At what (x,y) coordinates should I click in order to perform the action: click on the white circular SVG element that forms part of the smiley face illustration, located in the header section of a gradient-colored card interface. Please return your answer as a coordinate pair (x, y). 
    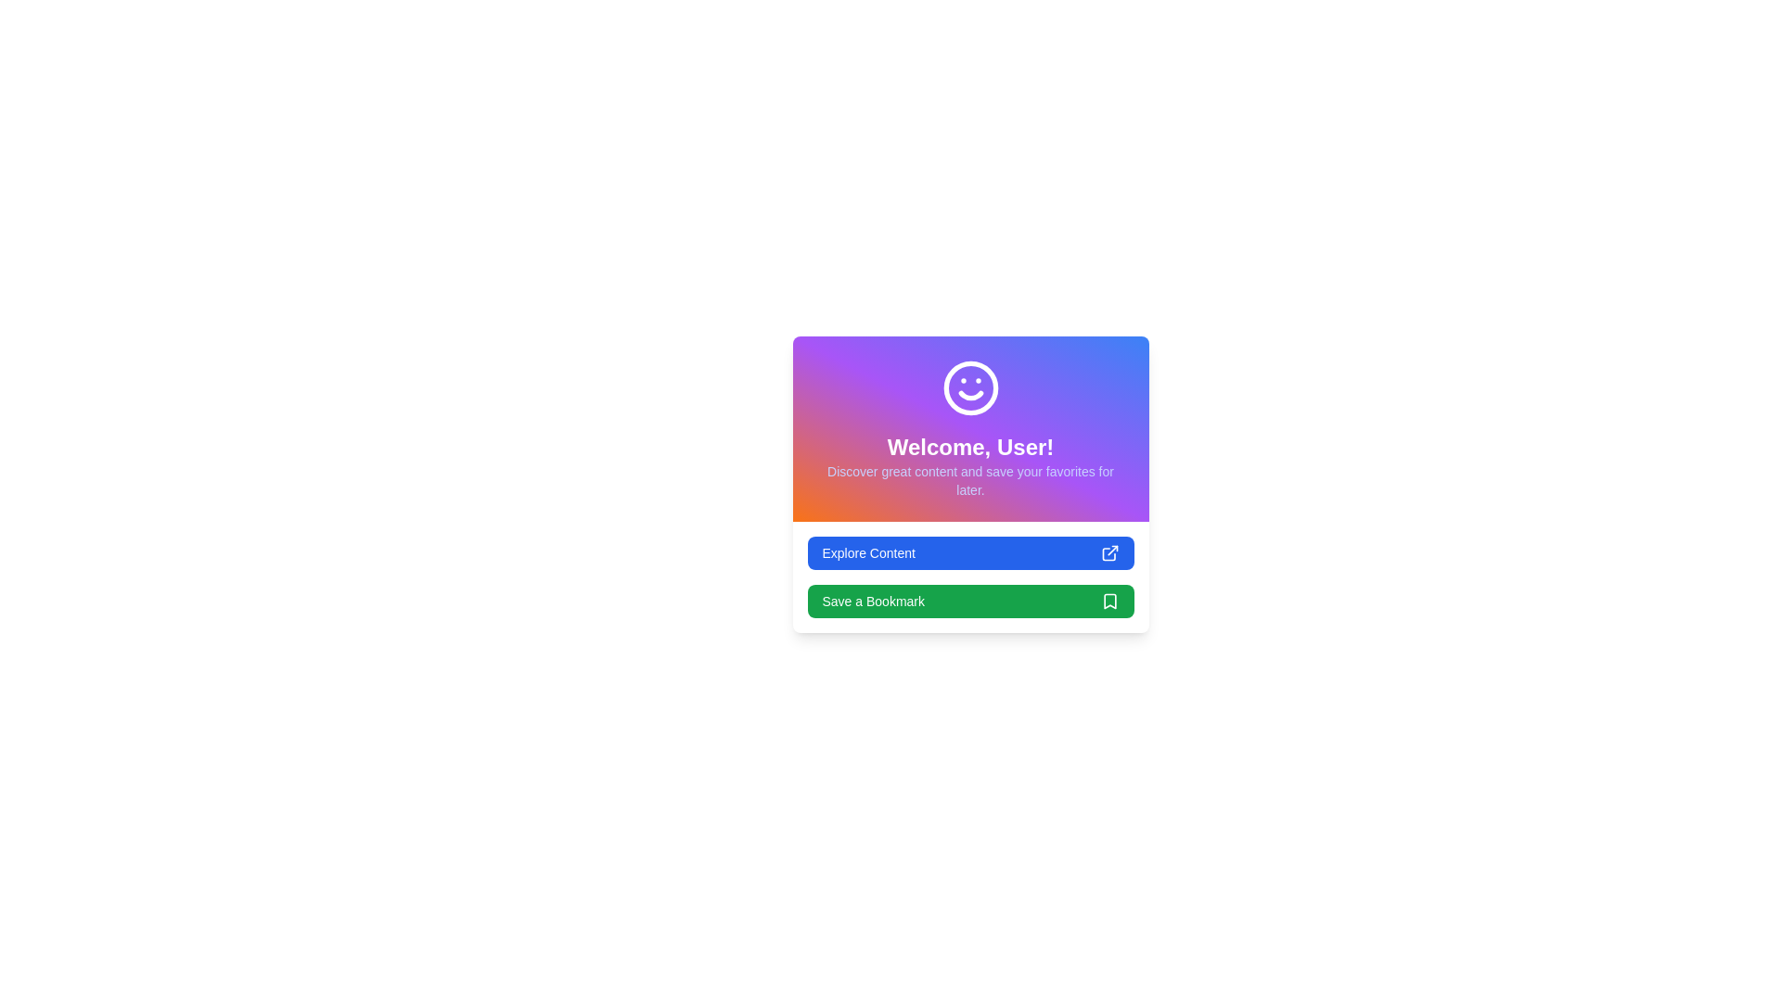
    Looking at the image, I should click on (969, 387).